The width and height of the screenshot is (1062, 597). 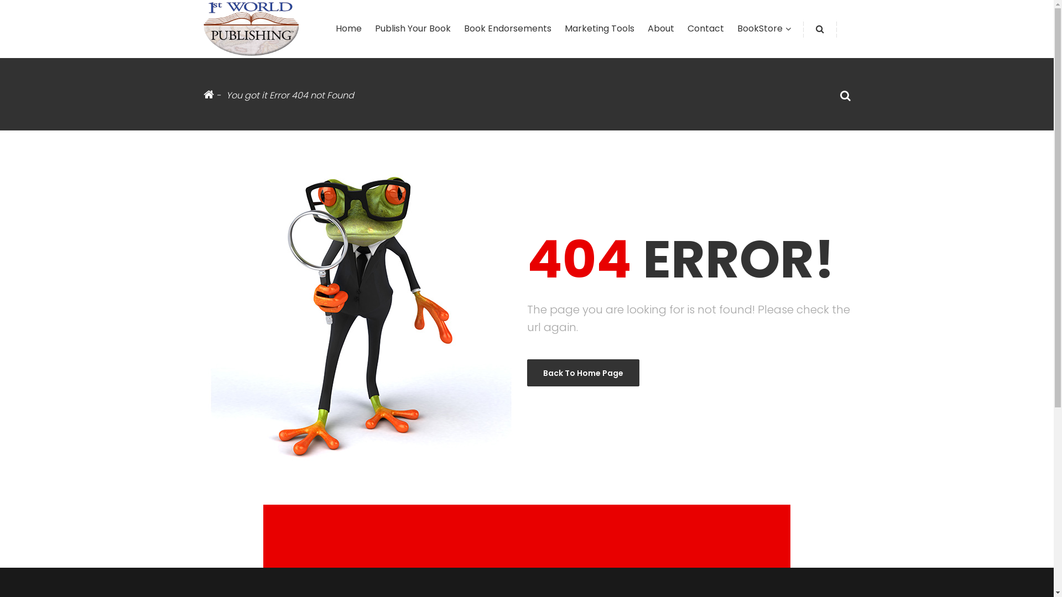 What do you see at coordinates (212, 95) in the screenshot?
I see `'-'` at bounding box center [212, 95].